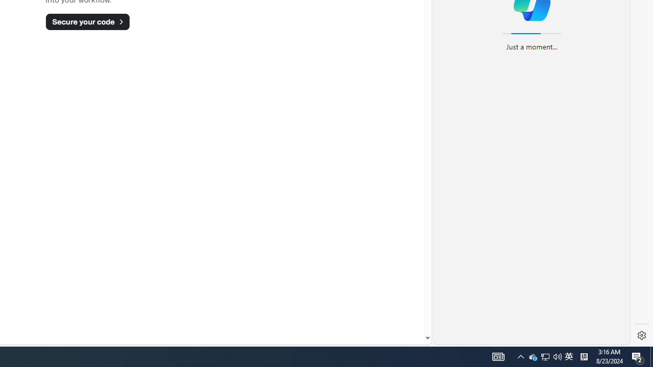 This screenshot has width=653, height=367. I want to click on 'Secure your code', so click(87, 21).